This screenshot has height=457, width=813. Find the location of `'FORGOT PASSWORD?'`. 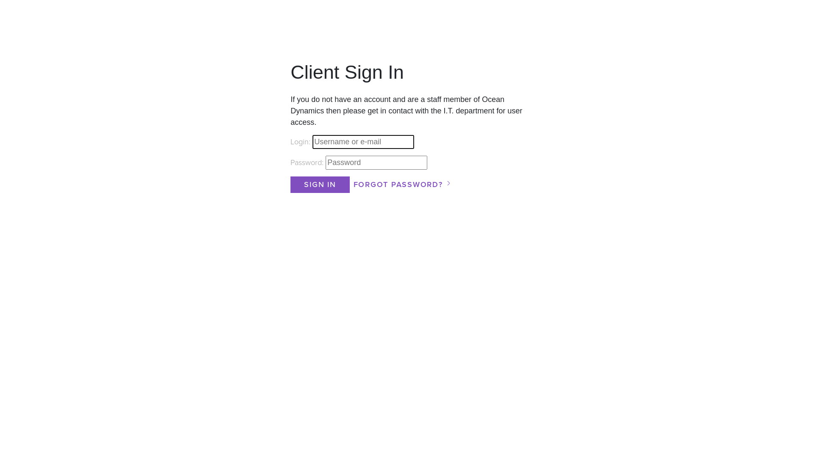

'FORGOT PASSWORD?' is located at coordinates (351, 184).